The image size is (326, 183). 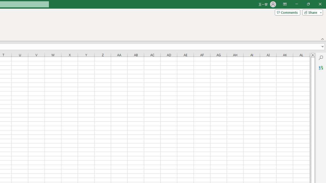 I want to click on 'Comments', so click(x=287, y=12).